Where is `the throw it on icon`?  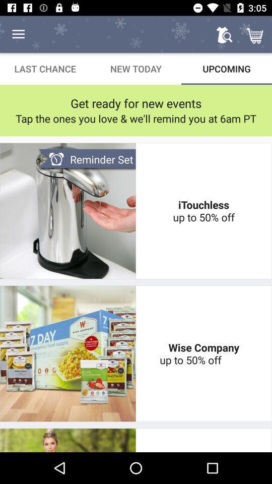 the throw it on icon is located at coordinates (203, 440).